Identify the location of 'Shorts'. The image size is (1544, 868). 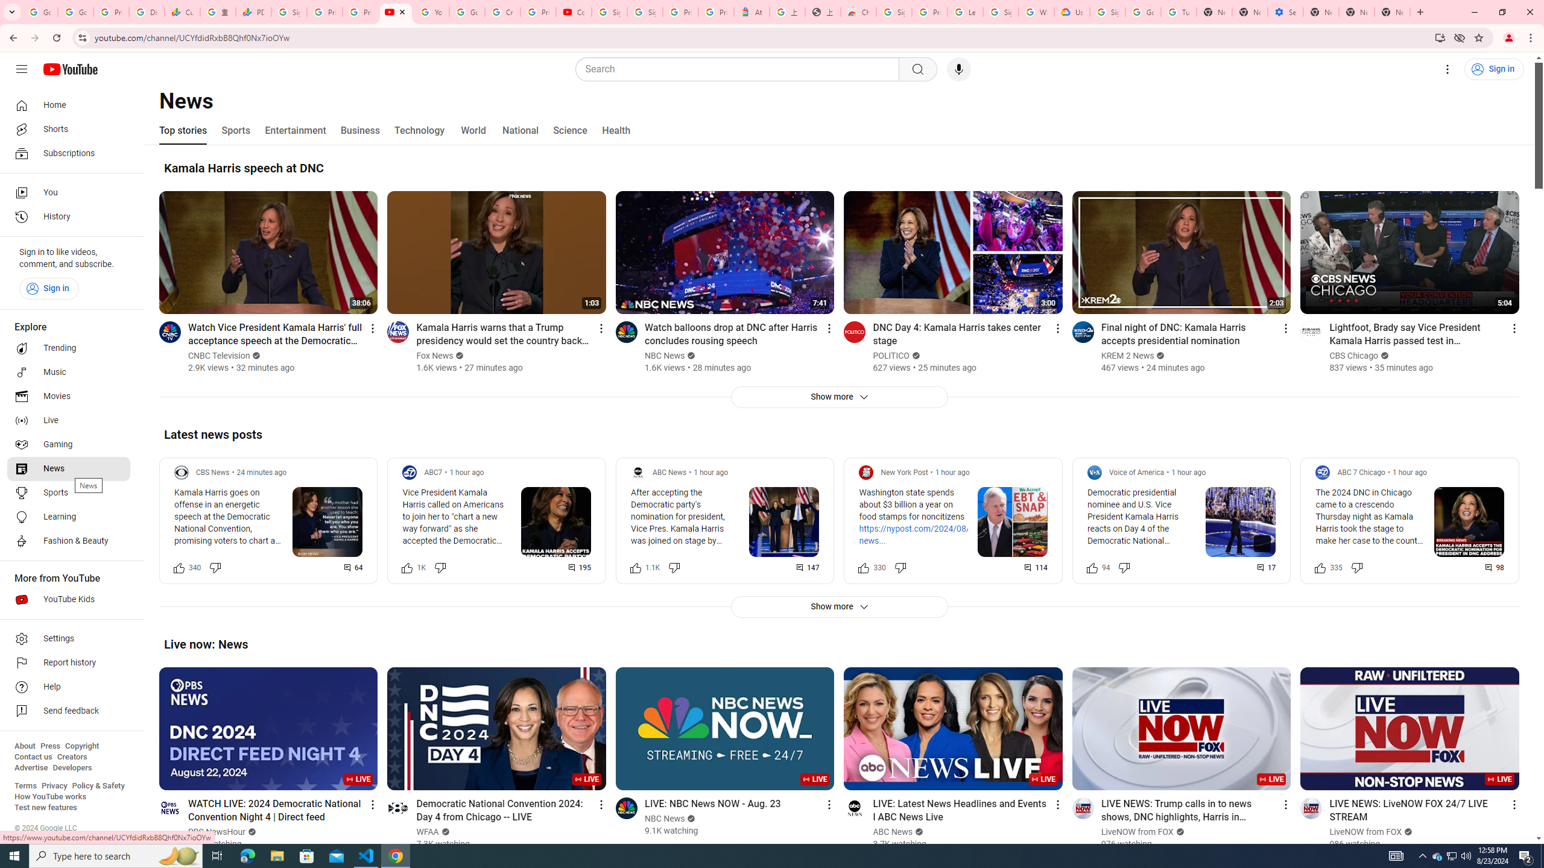
(68, 129).